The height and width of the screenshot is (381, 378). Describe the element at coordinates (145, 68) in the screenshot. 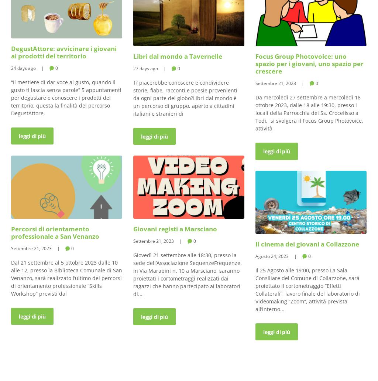

I see `'27 days ago'` at that location.